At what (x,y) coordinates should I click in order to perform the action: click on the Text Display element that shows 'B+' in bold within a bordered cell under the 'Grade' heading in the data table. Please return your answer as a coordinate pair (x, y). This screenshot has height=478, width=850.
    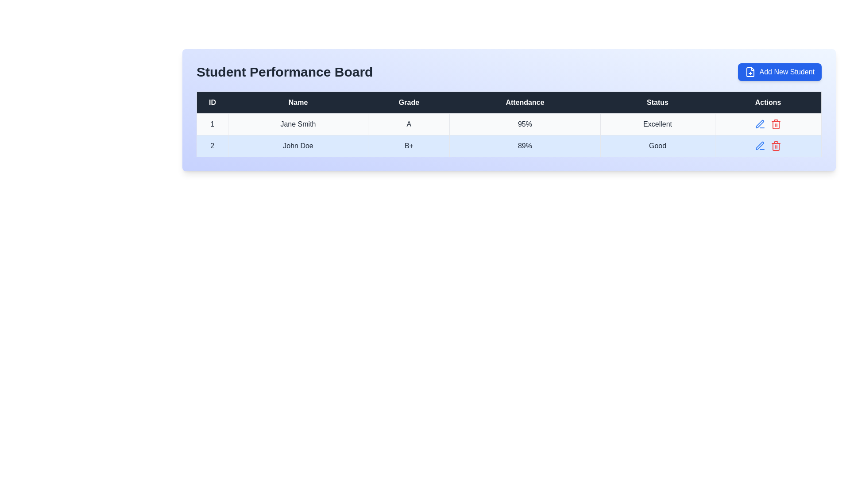
    Looking at the image, I should click on (408, 146).